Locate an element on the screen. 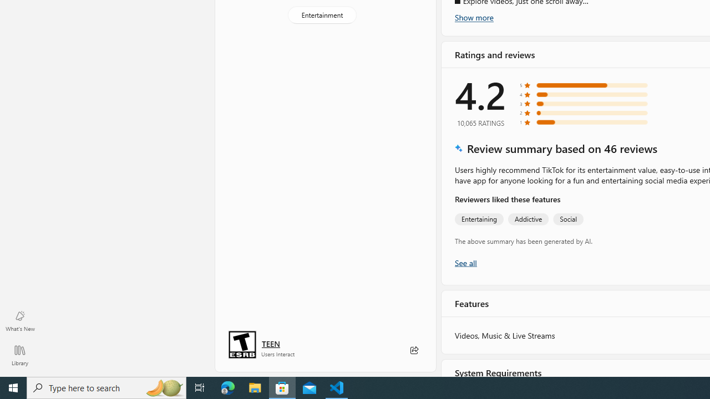 The image size is (710, 399). 'Share' is located at coordinates (413, 350).